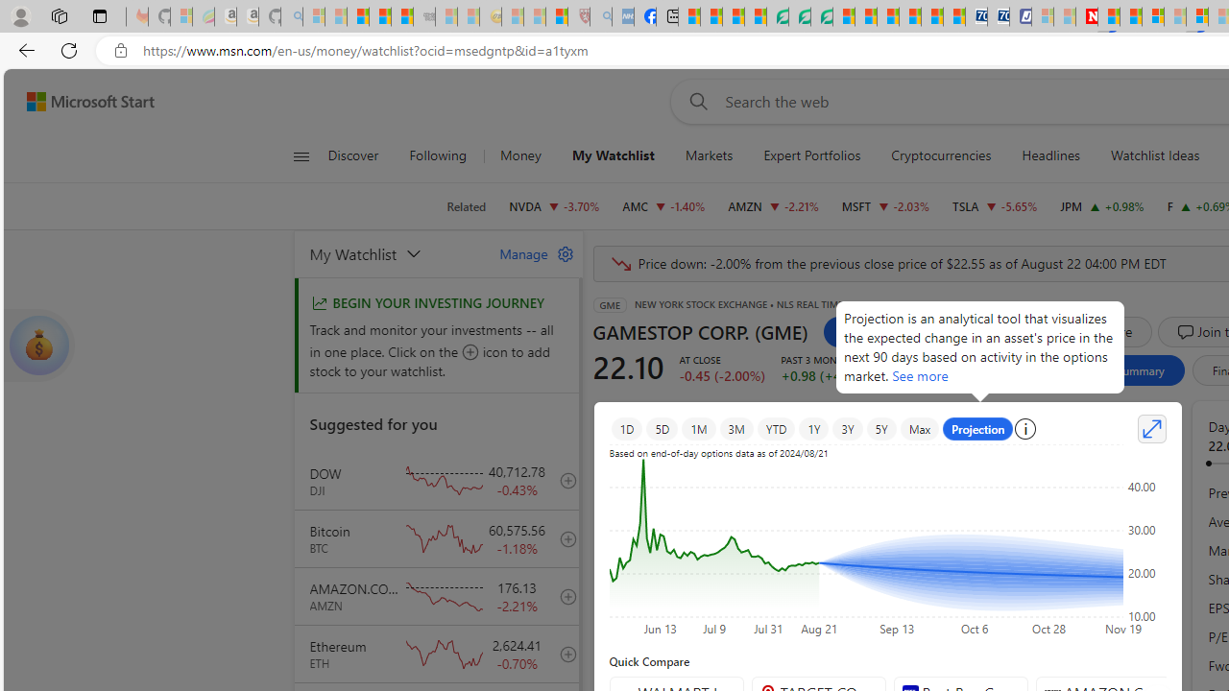  Describe the element at coordinates (612, 155) in the screenshot. I see `'My Watchlist'` at that location.